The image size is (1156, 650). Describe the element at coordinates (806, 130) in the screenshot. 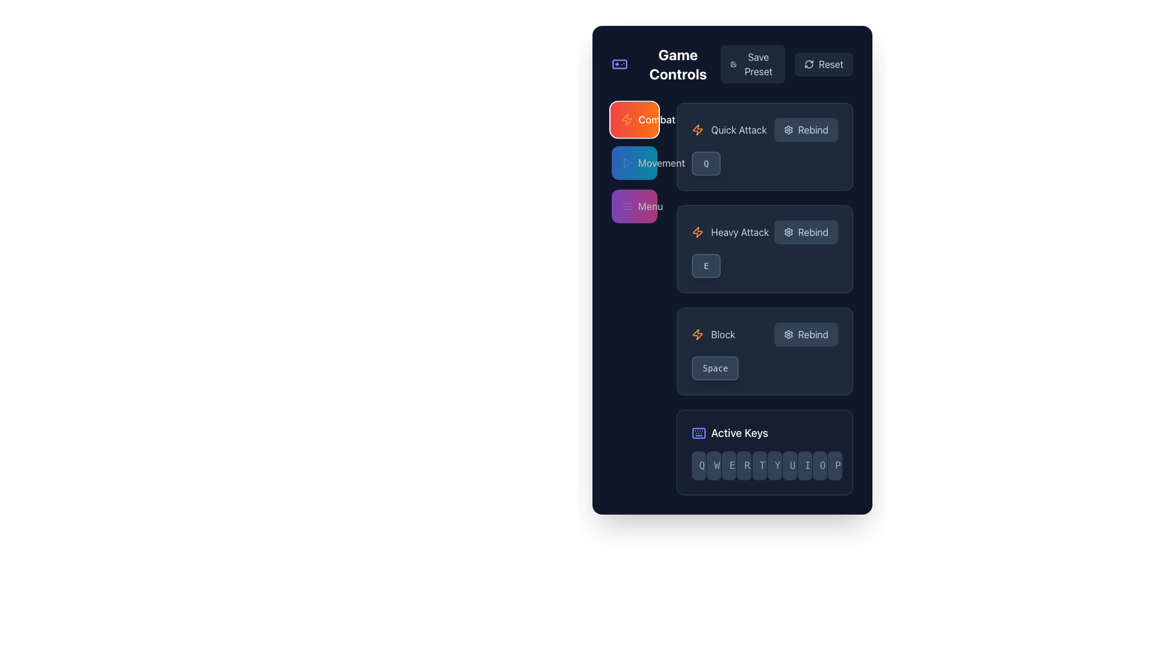

I see `the first 'Rebind' button located adjacent to the 'Quick Attack' label in the controls interface` at that location.